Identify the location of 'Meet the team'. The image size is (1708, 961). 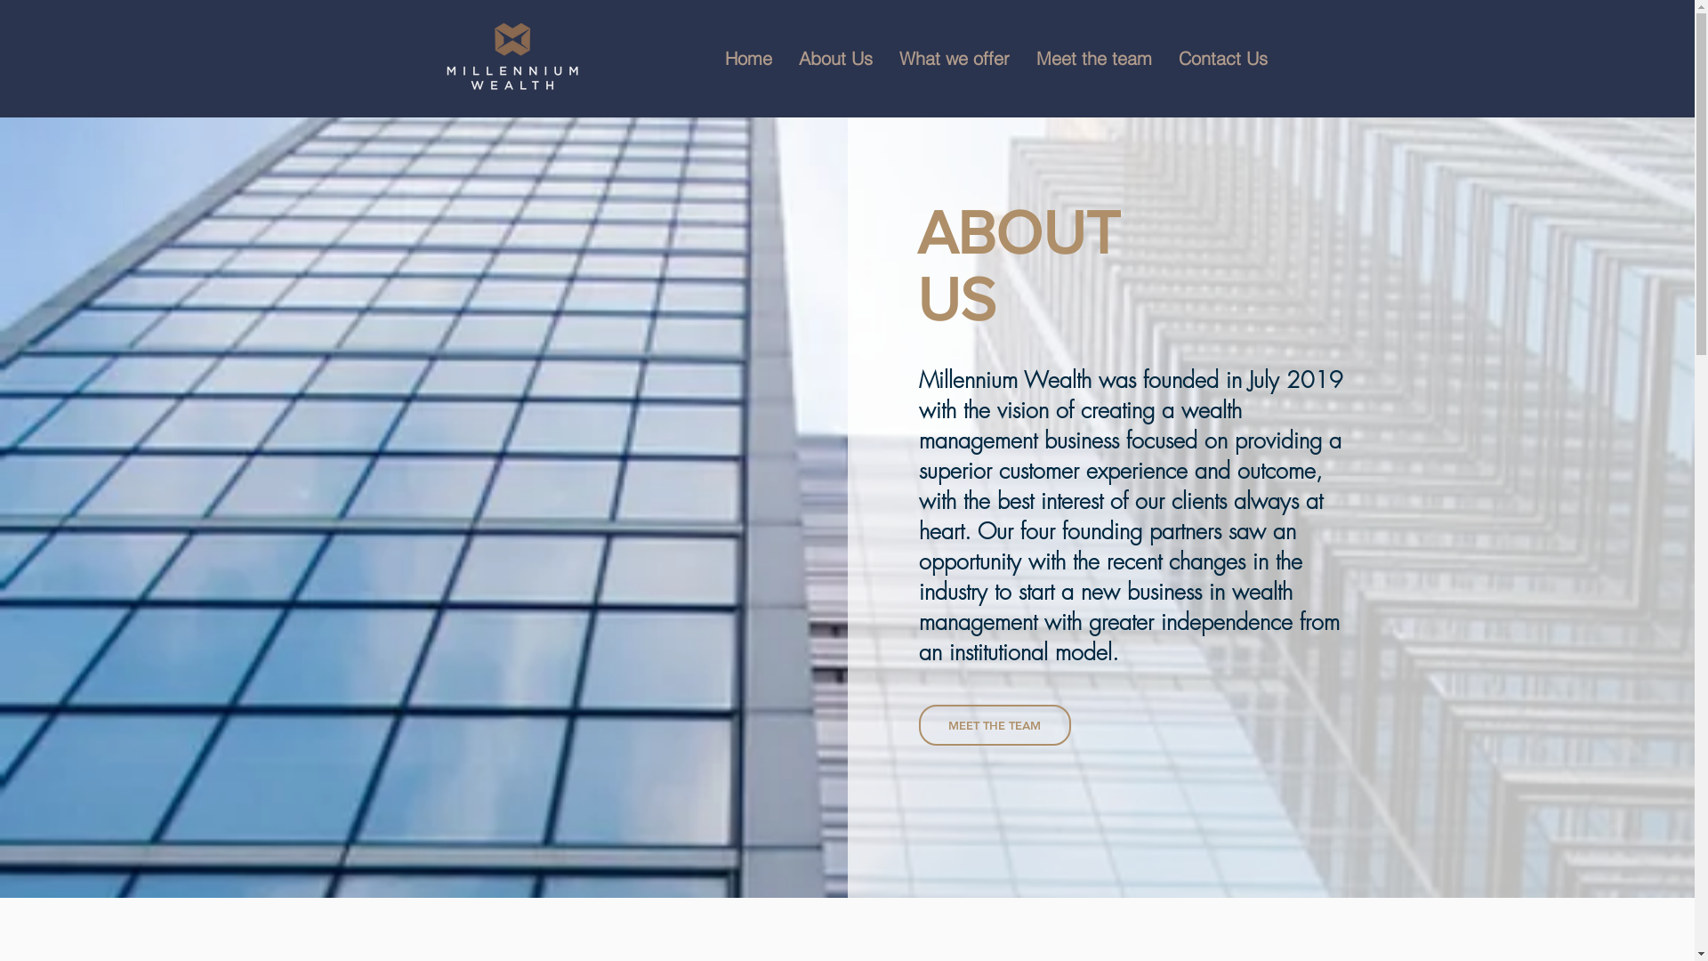
(1092, 57).